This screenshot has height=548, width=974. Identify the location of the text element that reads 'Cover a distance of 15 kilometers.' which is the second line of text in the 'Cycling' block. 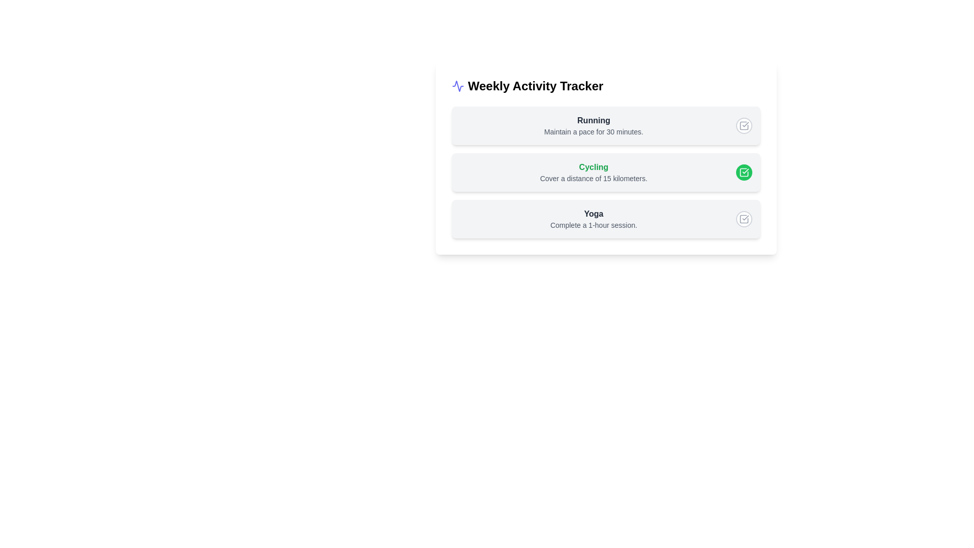
(594, 178).